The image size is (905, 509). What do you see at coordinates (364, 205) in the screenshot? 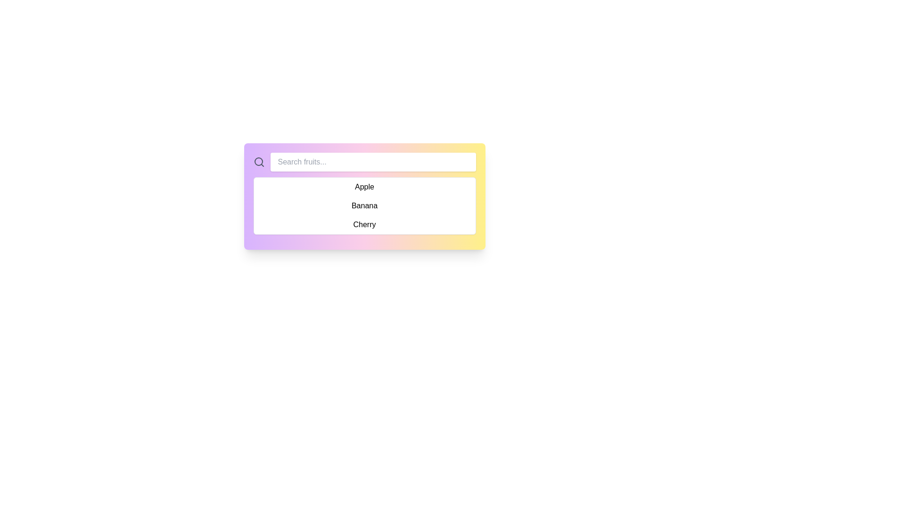
I see `the dropdown option 'Banana'` at bounding box center [364, 205].